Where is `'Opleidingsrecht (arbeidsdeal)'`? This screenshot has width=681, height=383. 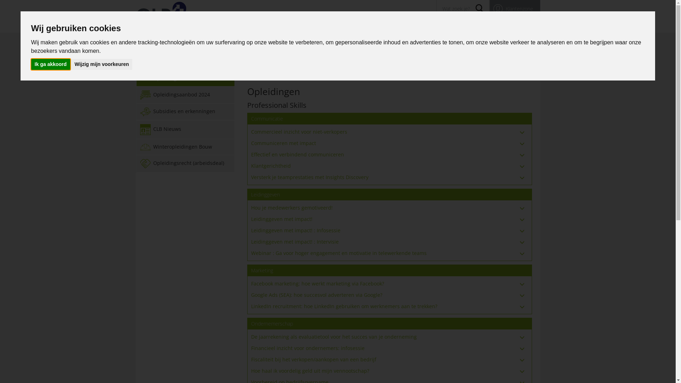 'Opleidingsrecht (arbeidsdeal)' is located at coordinates (185, 163).